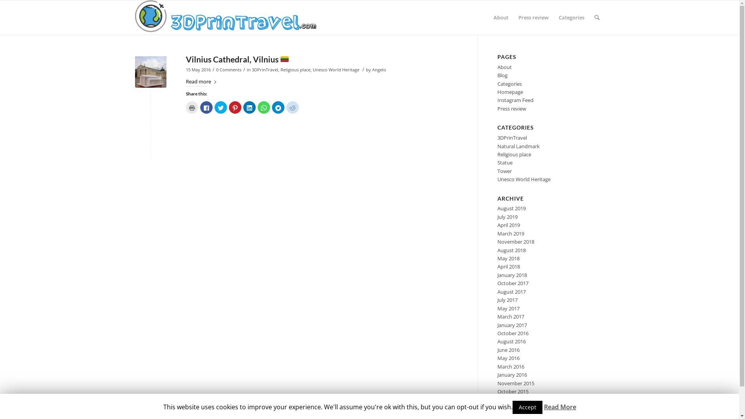  I want to click on 'August 2016', so click(497, 341).